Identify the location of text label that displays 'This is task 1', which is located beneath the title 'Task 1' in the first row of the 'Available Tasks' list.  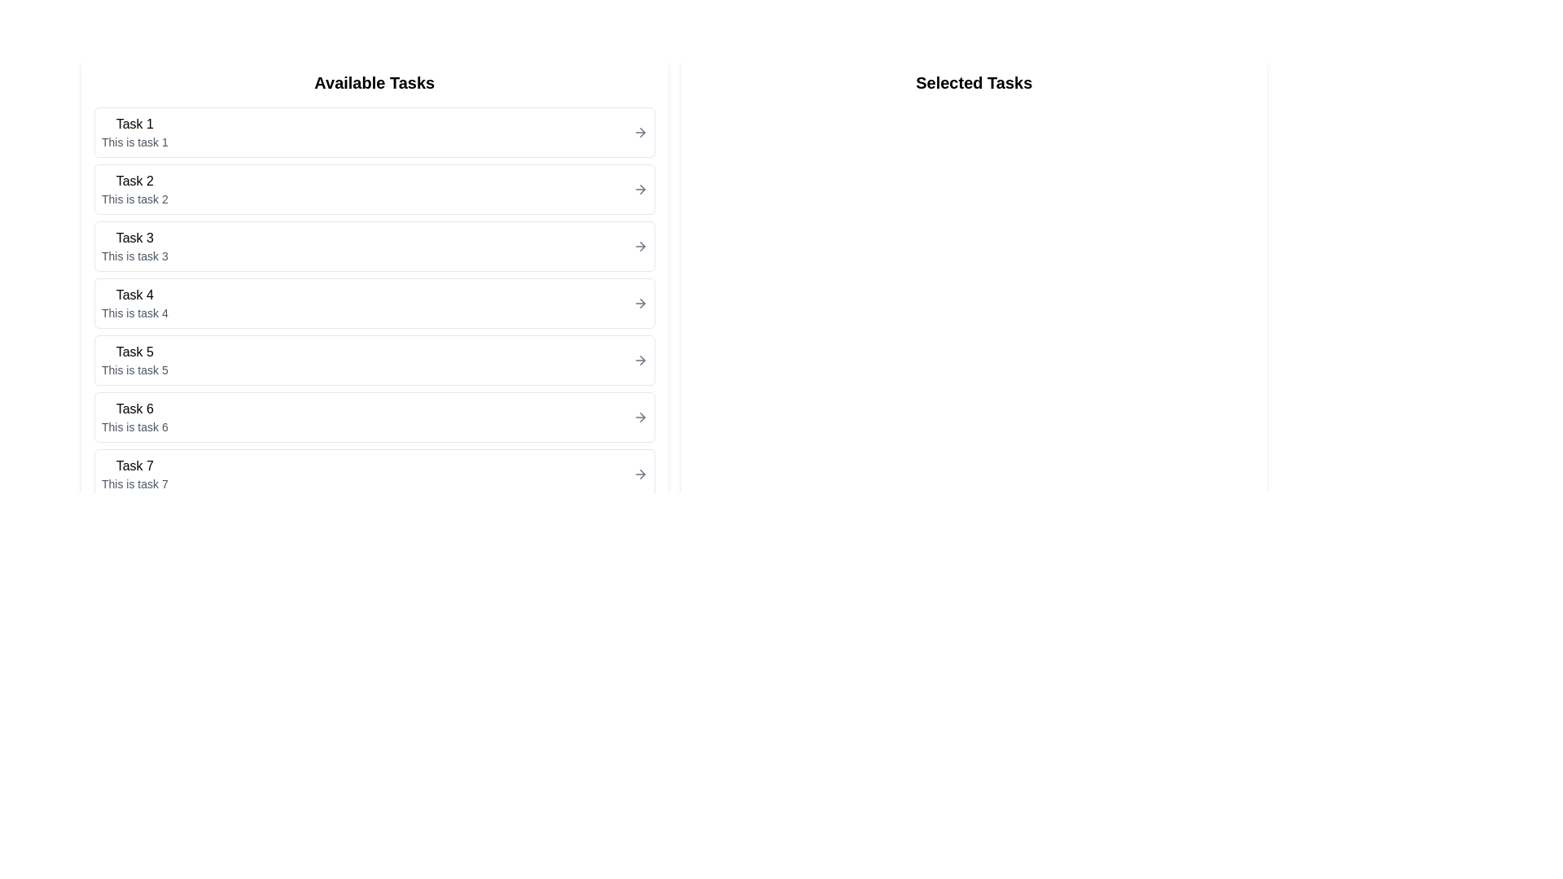
(134, 141).